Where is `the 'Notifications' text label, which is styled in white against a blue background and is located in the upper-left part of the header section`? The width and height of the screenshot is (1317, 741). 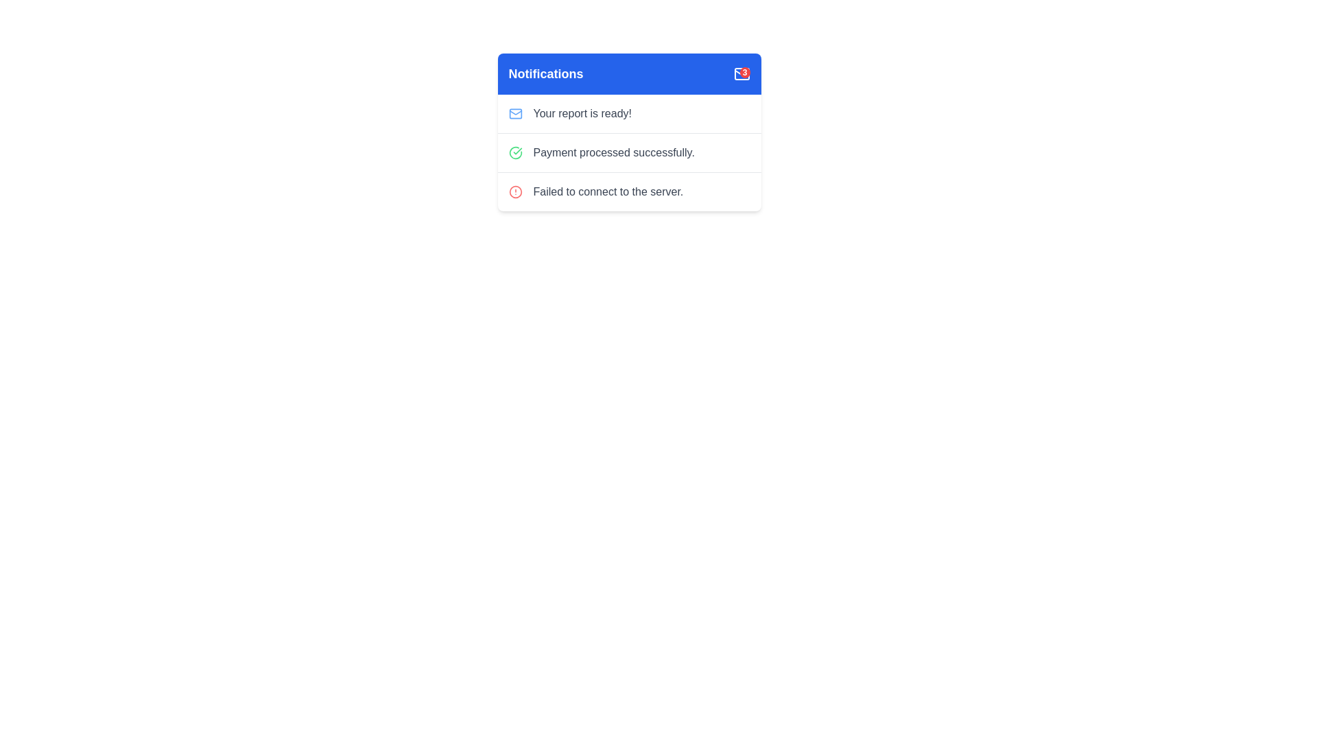 the 'Notifications' text label, which is styled in white against a blue background and is located in the upper-left part of the header section is located at coordinates (545, 74).